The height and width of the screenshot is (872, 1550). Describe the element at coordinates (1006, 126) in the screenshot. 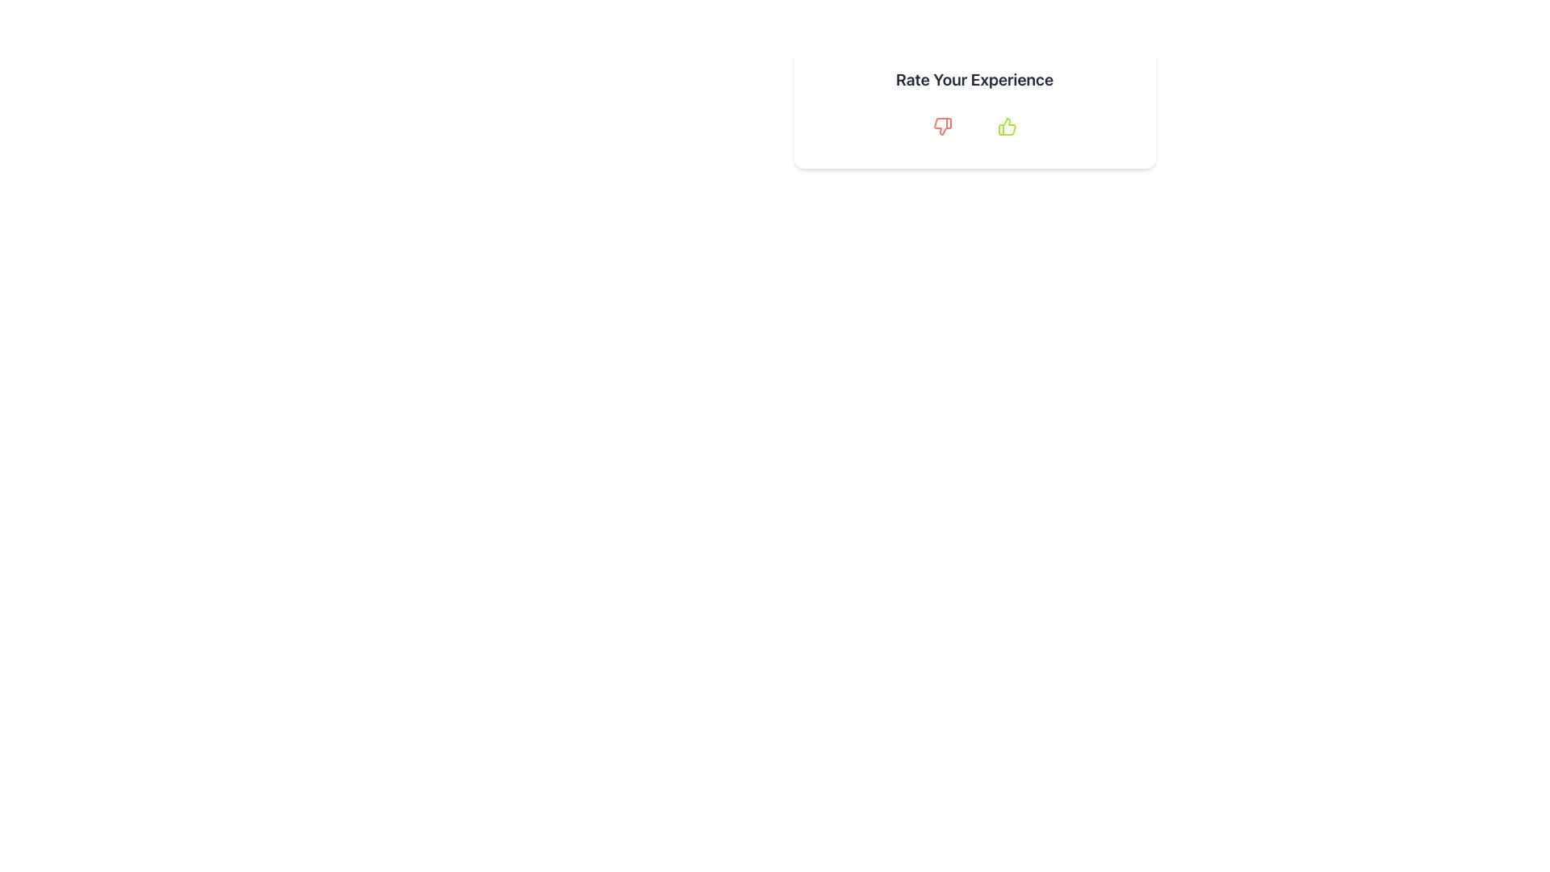

I see `the thumbs-up icon, which is a lime green icon with a detailed design, to provide a positive rating` at that location.